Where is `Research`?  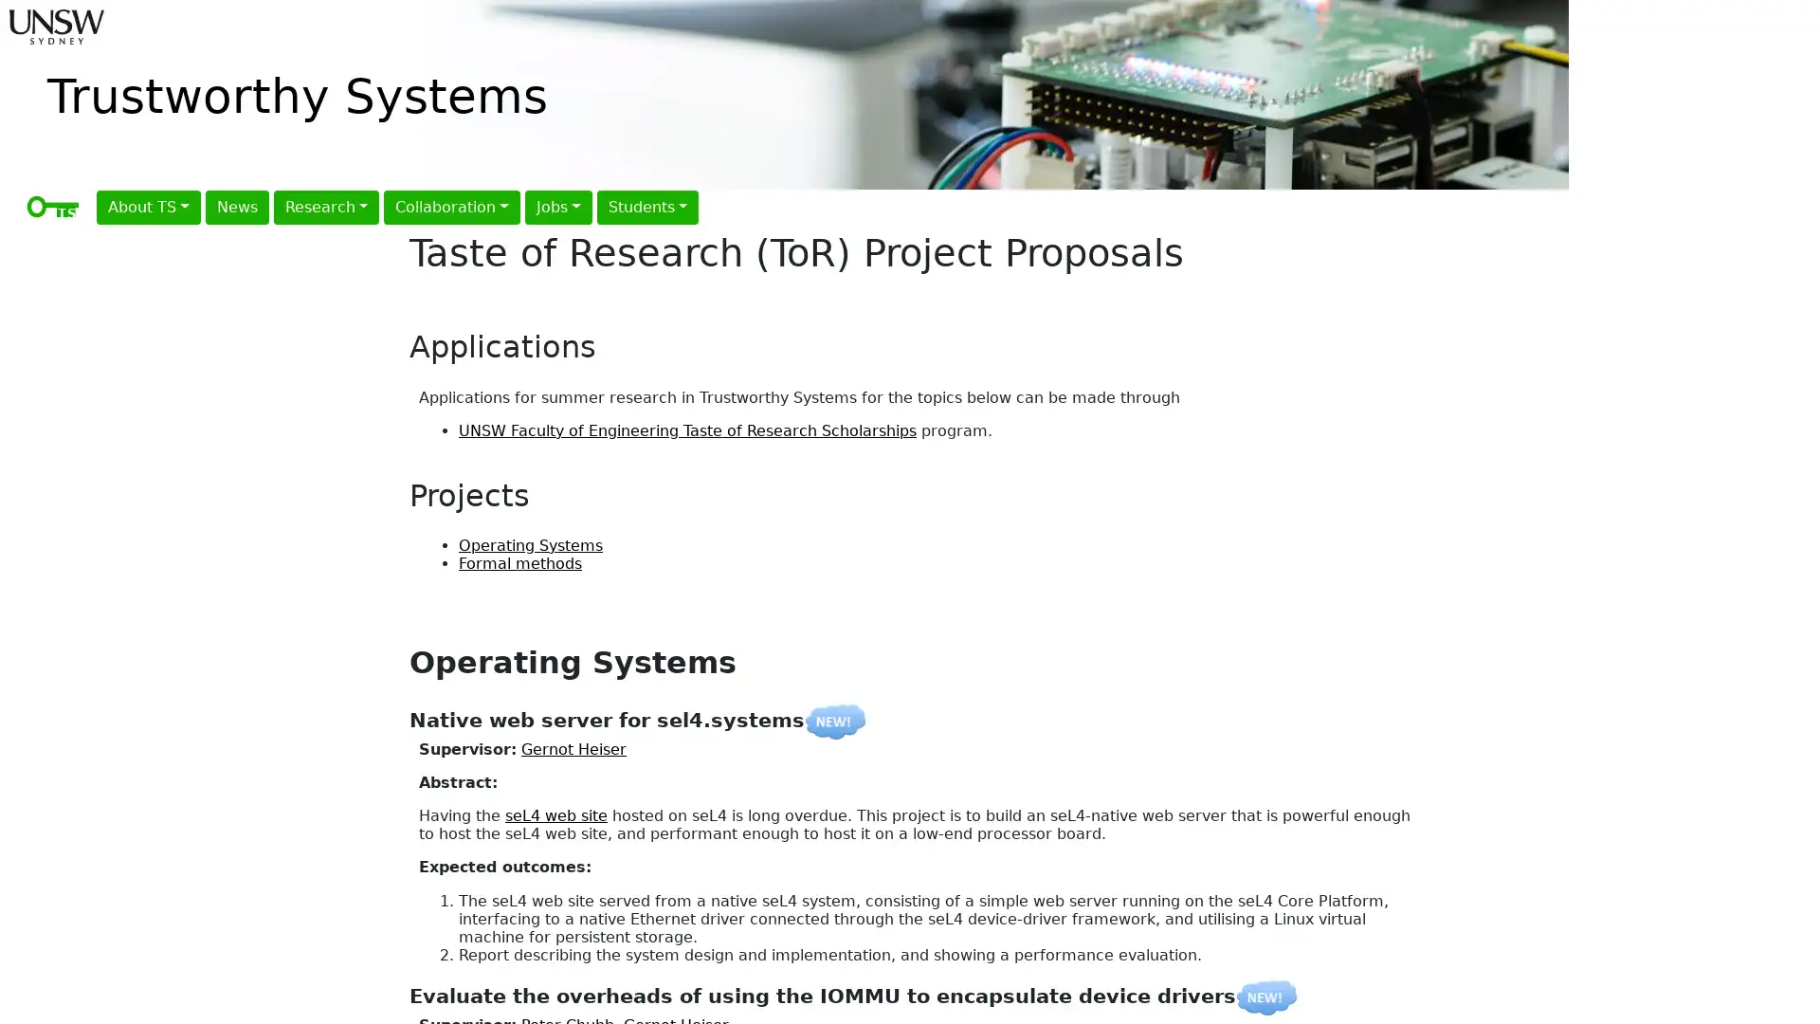 Research is located at coordinates (326, 207).